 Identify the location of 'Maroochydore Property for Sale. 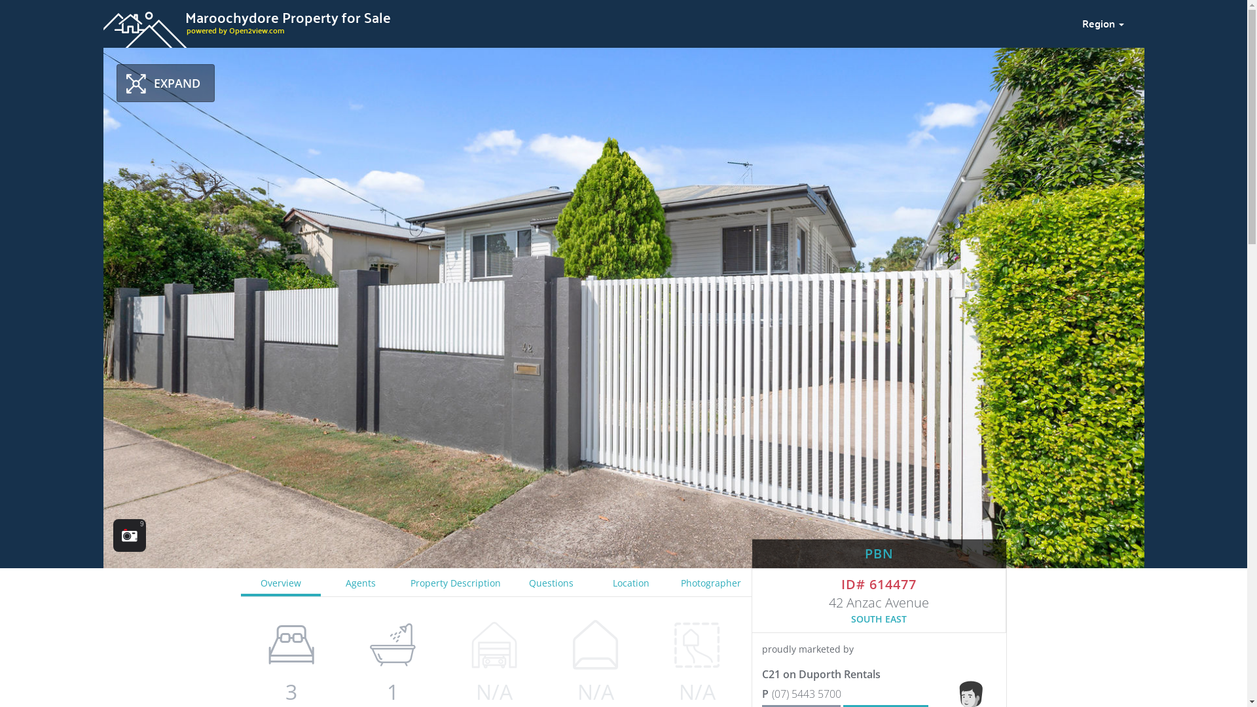
(583, 22).